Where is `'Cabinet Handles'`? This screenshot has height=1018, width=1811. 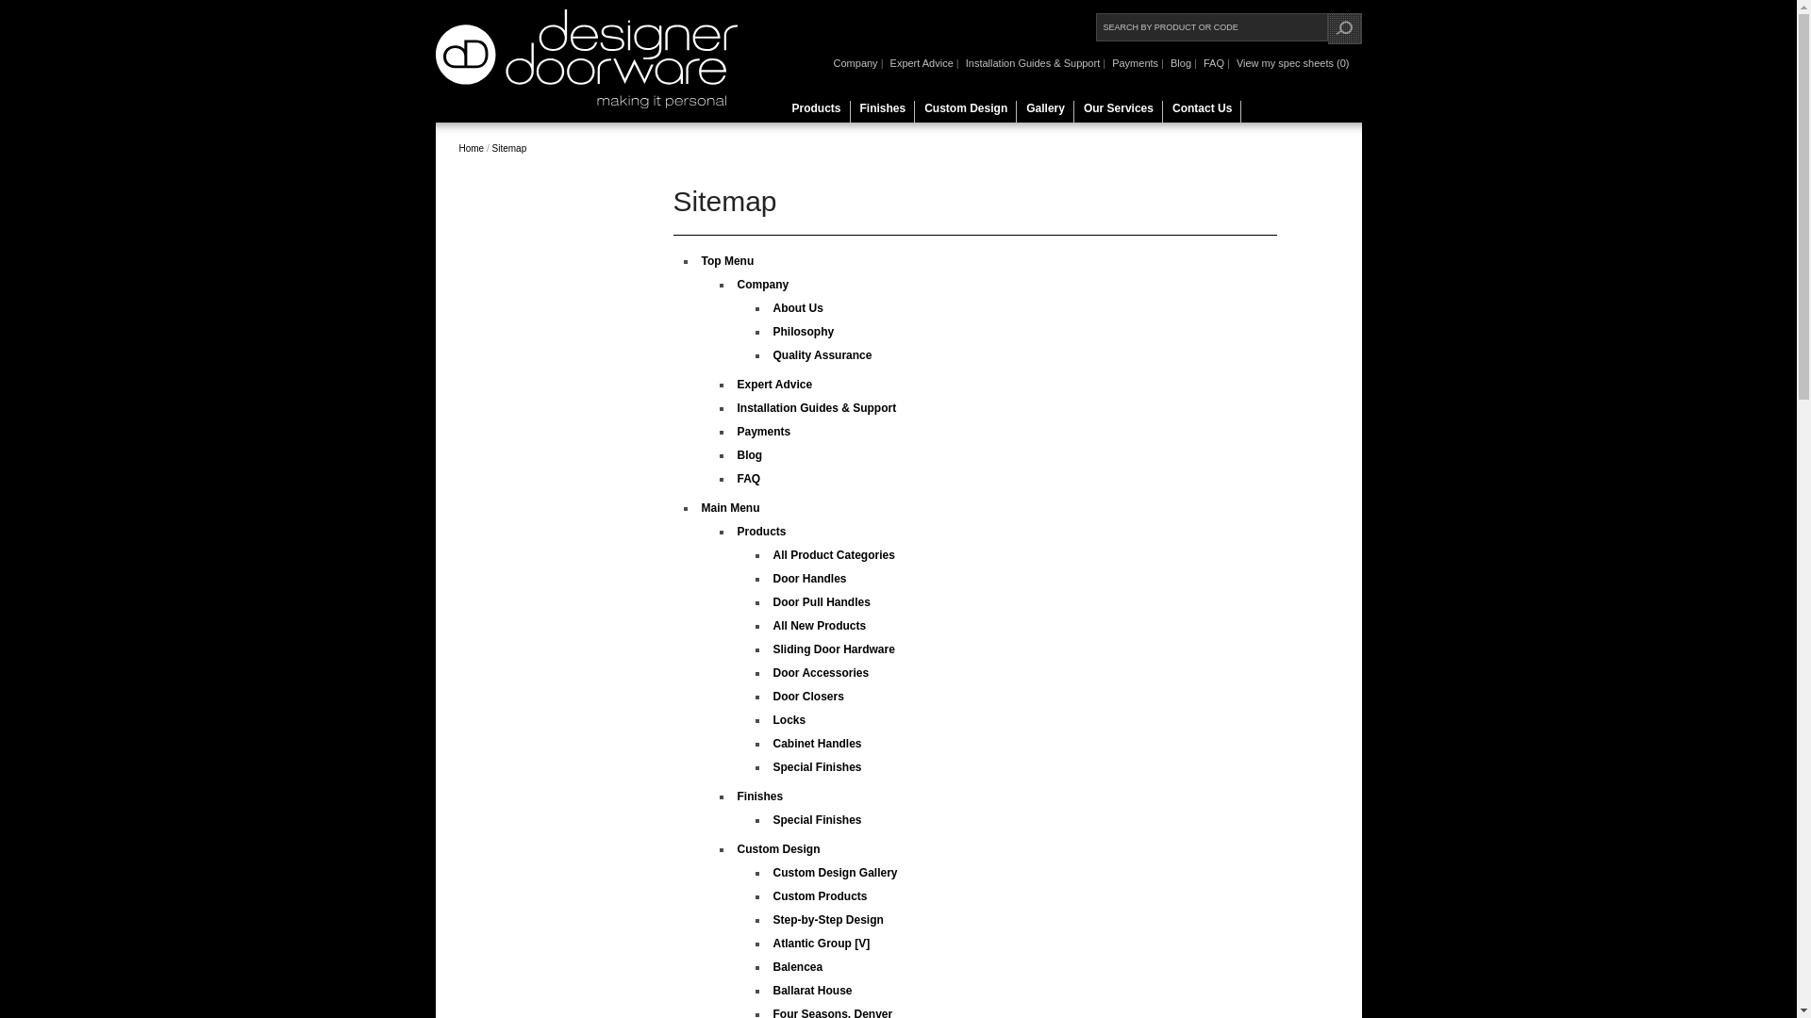
'Cabinet Handles' is located at coordinates (818, 743).